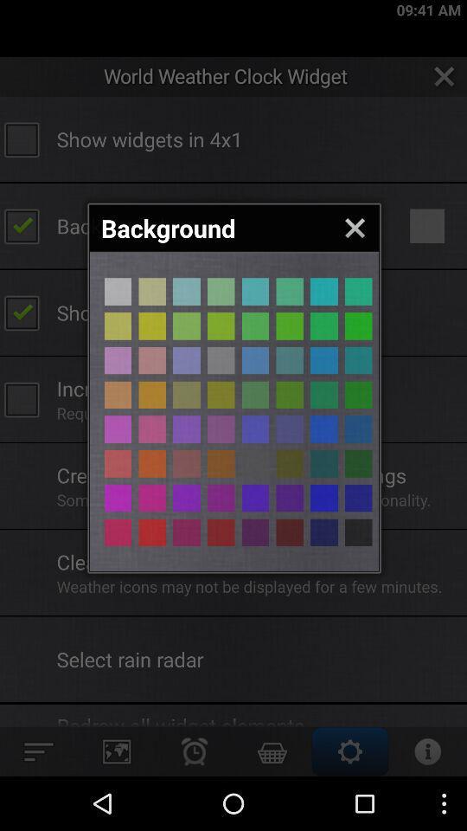 This screenshot has height=831, width=467. I want to click on background colour selection, so click(152, 462).